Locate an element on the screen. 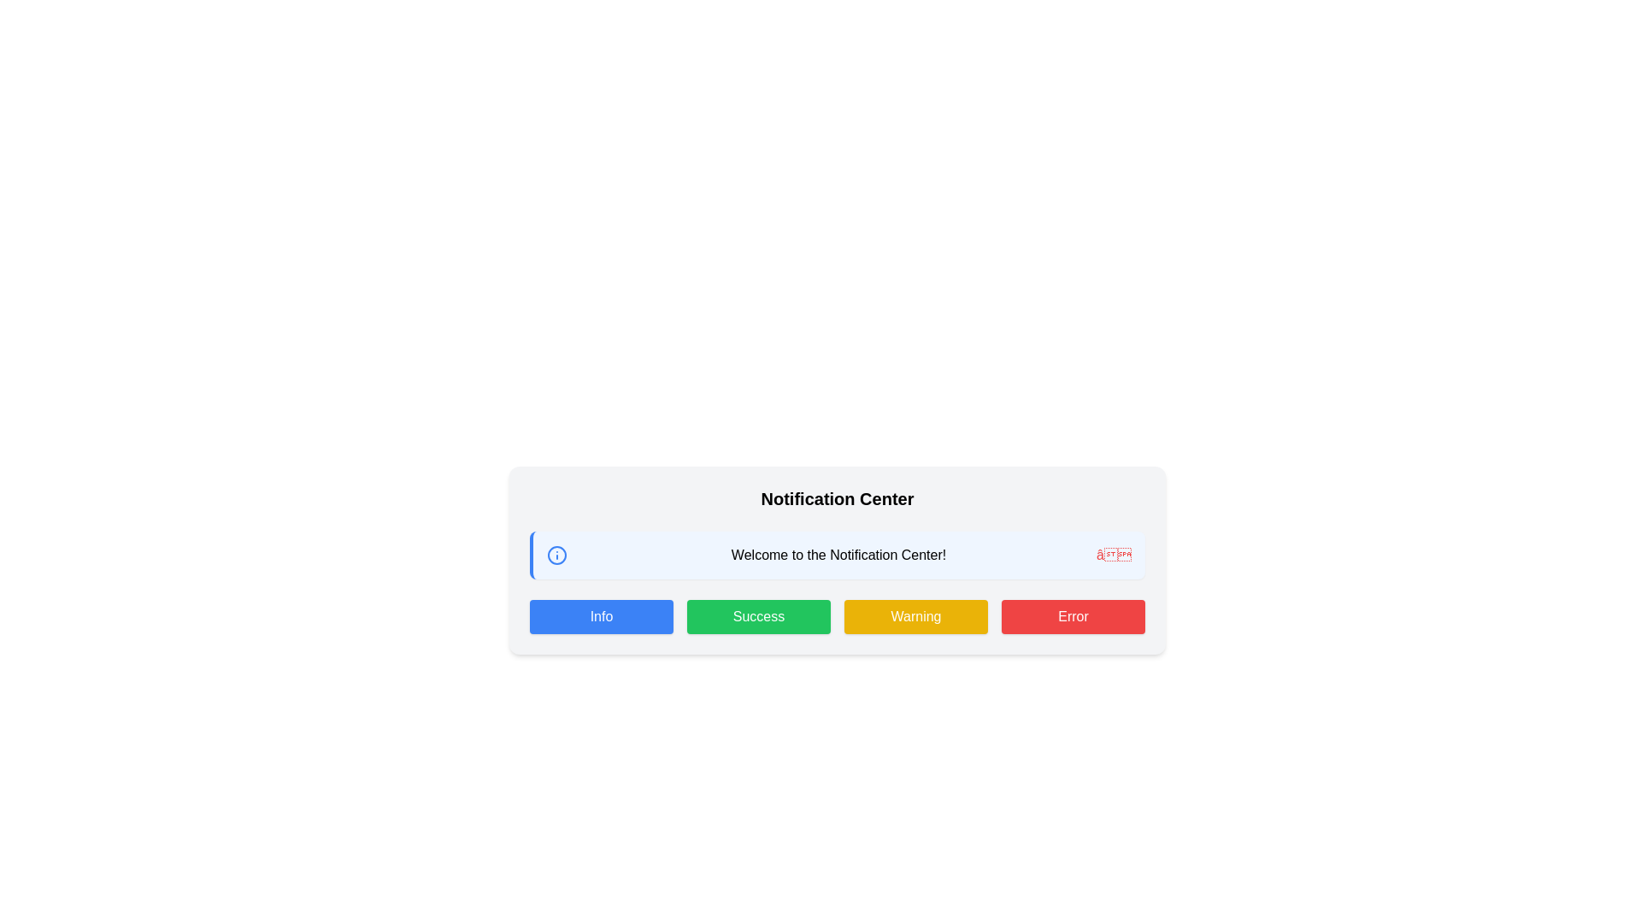 The image size is (1641, 923). the first button in the grid layout, located below 'Welcome to the Notification Center!' for keyboard-based interaction is located at coordinates (602, 616).